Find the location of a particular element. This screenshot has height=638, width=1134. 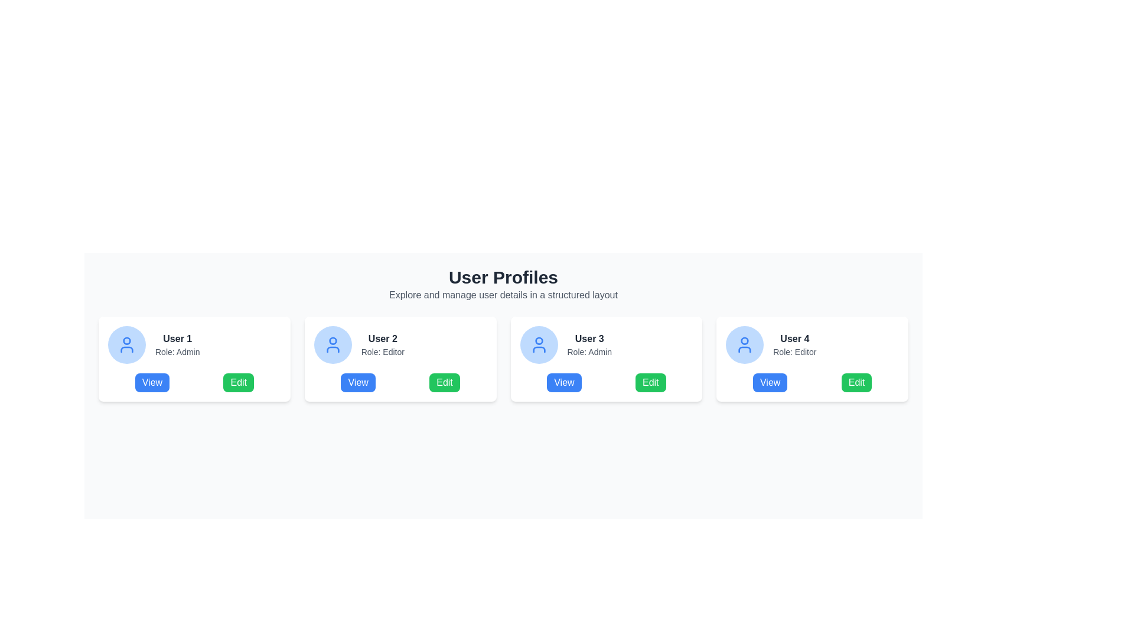

the text label displaying 'Role: Admin', which is styled in gray color and positioned below the bolded username 'User 1' in the first user card is located at coordinates (177, 351).